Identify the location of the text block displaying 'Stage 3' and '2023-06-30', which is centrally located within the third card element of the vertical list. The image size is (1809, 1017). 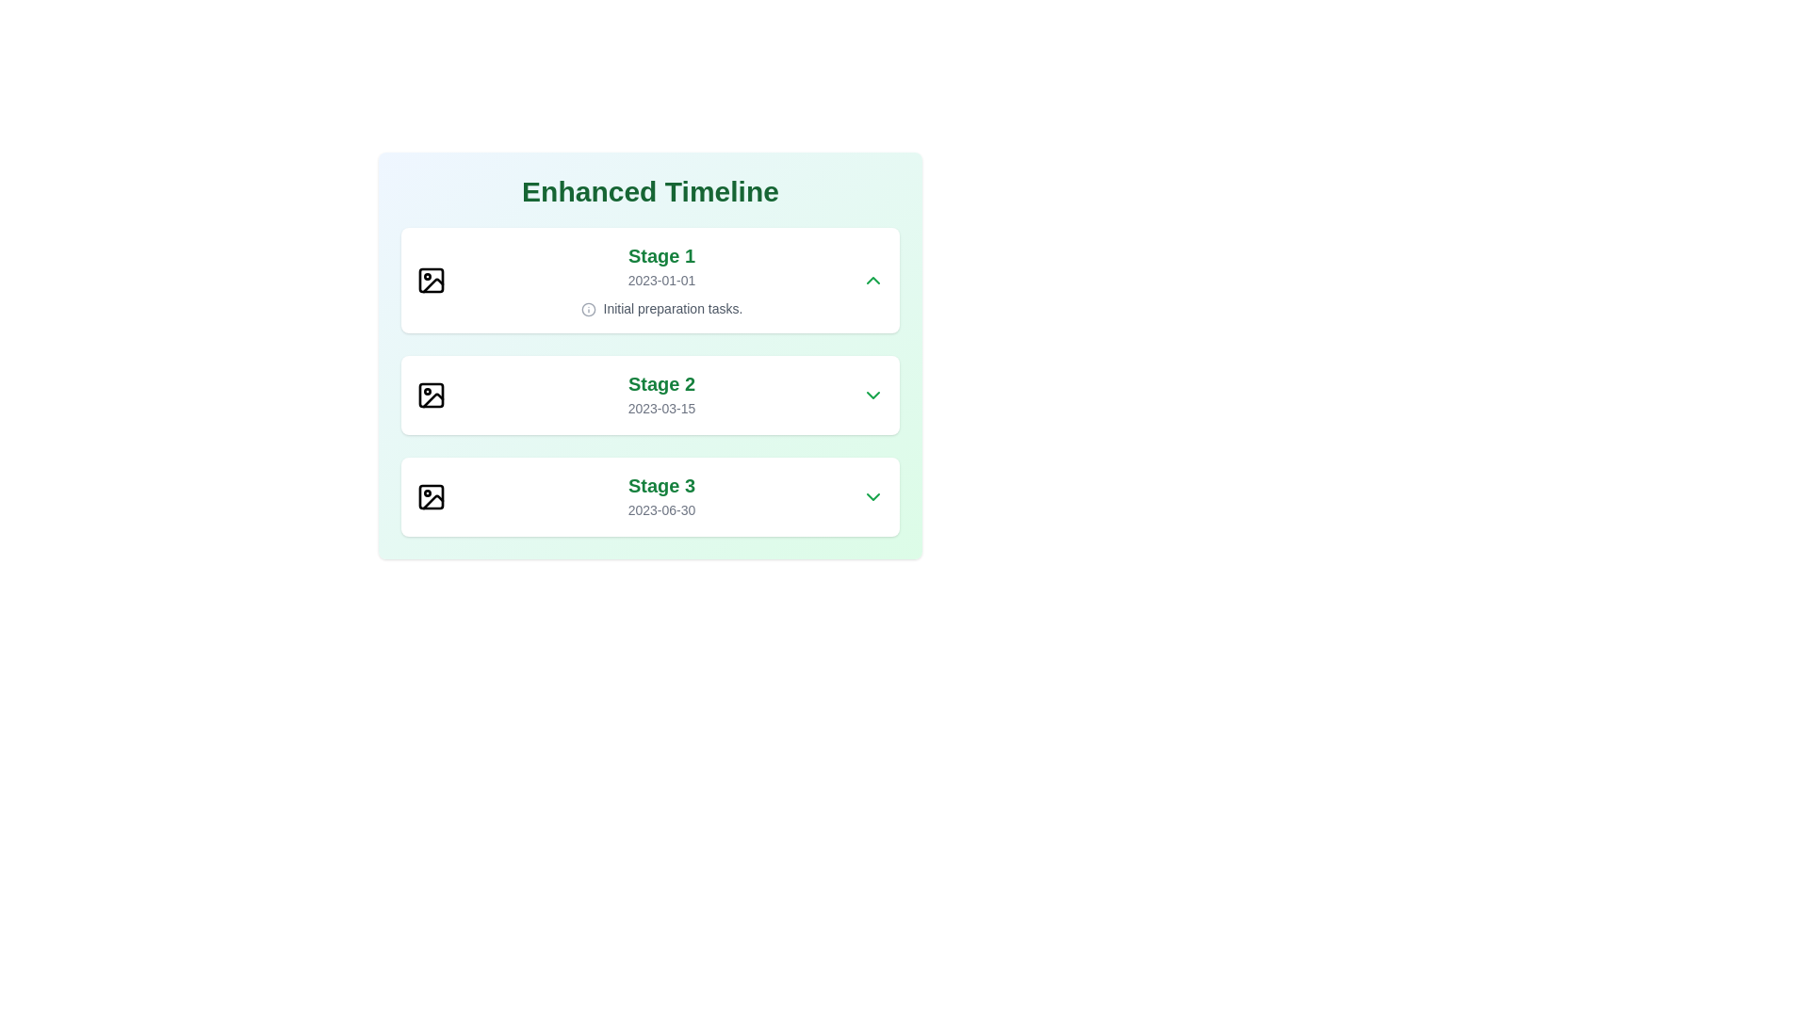
(661, 496).